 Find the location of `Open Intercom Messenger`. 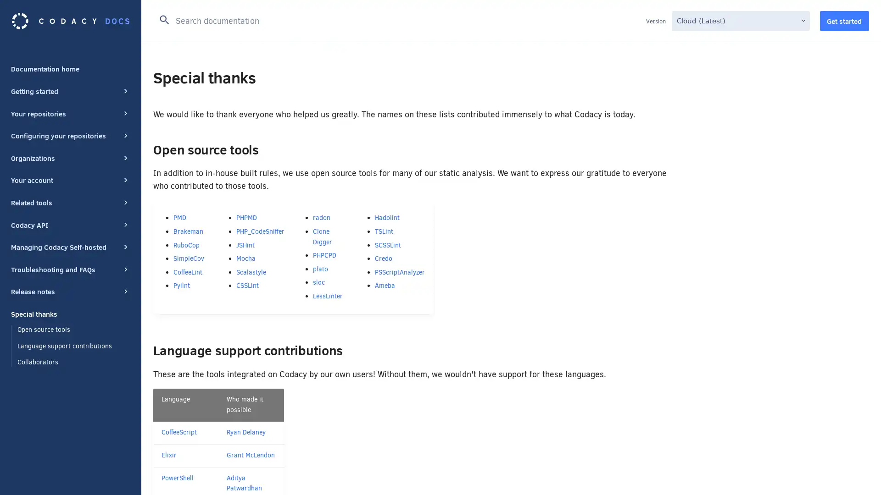

Open Intercom Messenger is located at coordinates (858, 472).